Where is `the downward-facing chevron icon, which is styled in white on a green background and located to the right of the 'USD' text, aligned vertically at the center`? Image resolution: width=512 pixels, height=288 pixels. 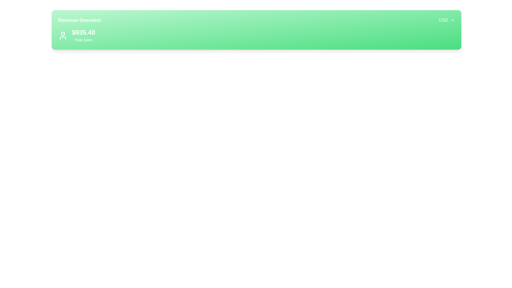 the downward-facing chevron icon, which is styled in white on a green background and located to the right of the 'USD' text, aligned vertically at the center is located at coordinates (452, 20).